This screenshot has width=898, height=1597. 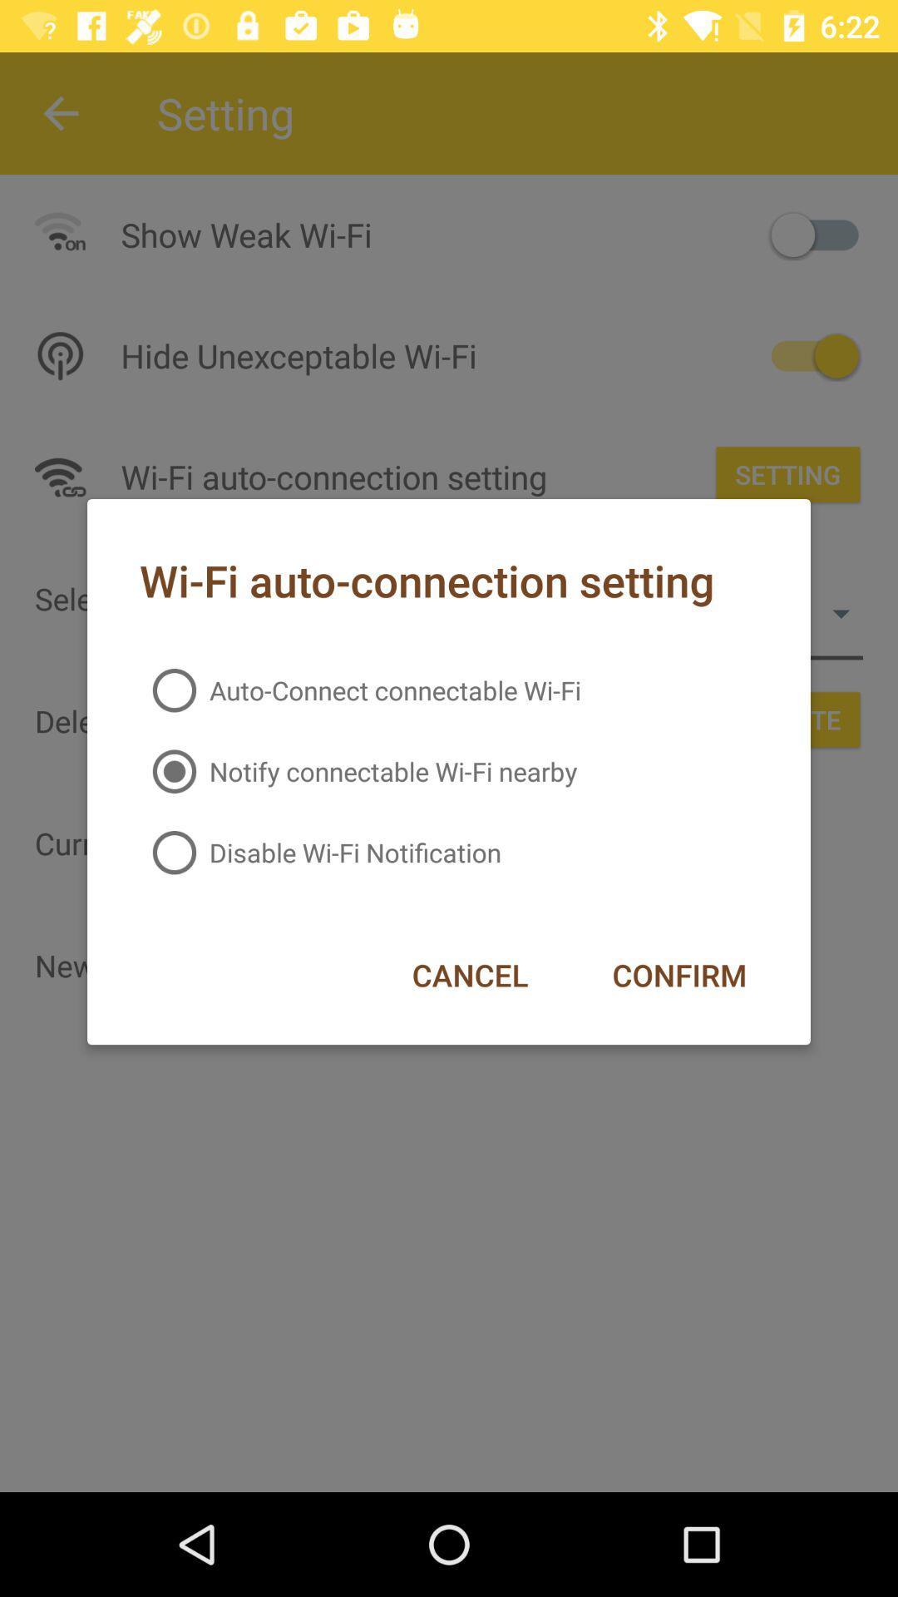 What do you see at coordinates (359, 690) in the screenshot?
I see `item above the notify connectable wi` at bounding box center [359, 690].